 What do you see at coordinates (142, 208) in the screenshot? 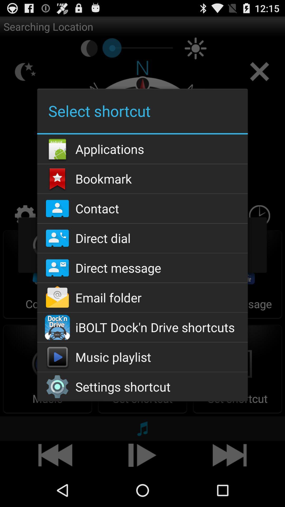
I see `the icon above the direct dial item` at bounding box center [142, 208].